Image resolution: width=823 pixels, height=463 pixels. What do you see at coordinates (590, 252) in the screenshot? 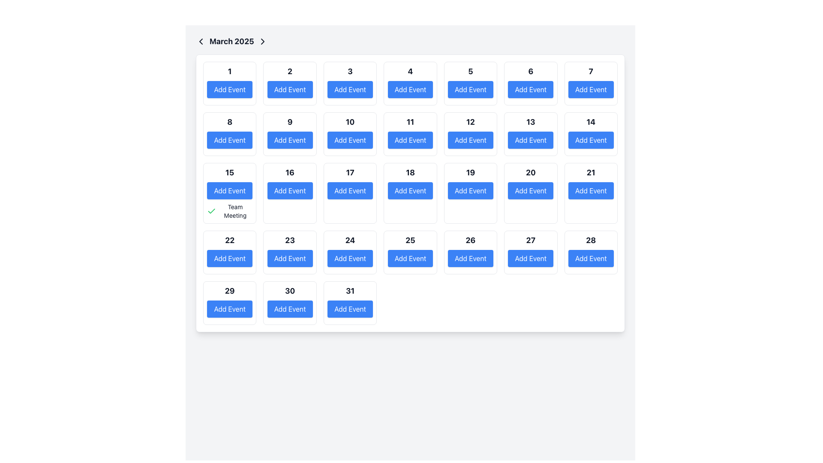
I see `the interactive button labeled 'Add Event' located in the 28th cell of the calendar grid` at bounding box center [590, 252].